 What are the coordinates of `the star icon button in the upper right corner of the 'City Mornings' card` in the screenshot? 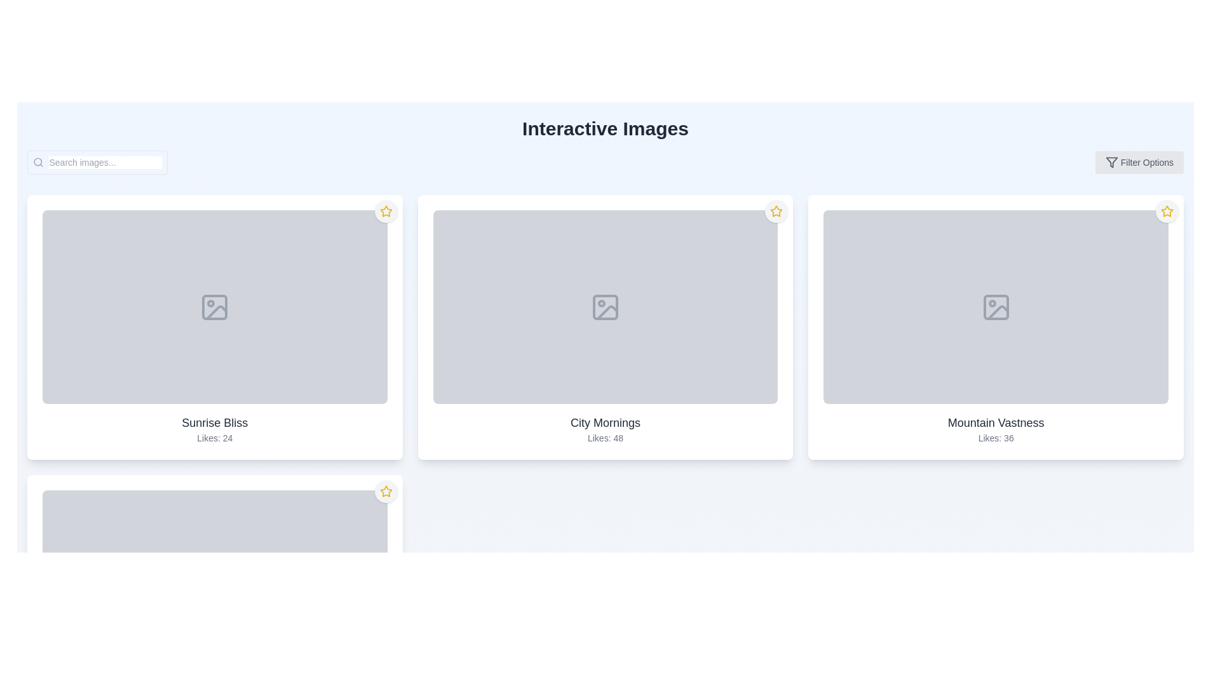 It's located at (776, 210).